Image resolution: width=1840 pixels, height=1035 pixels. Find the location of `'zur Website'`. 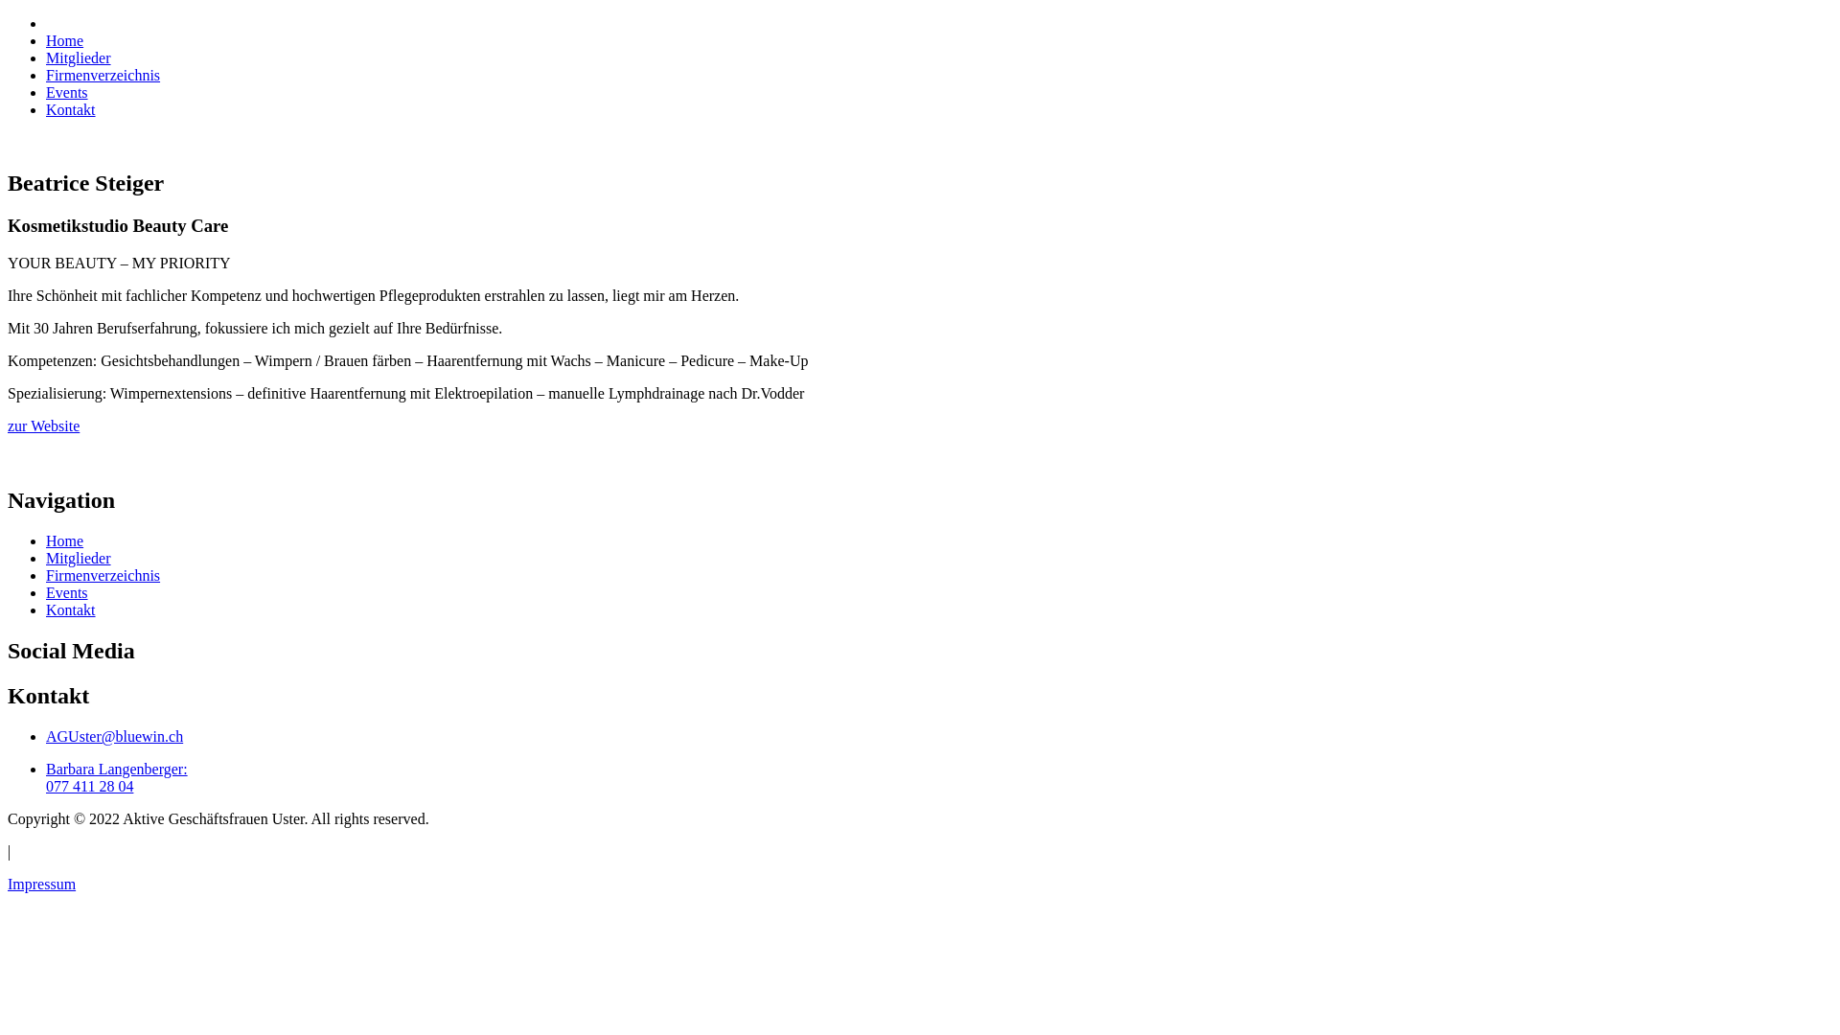

'zur Website' is located at coordinates (43, 425).